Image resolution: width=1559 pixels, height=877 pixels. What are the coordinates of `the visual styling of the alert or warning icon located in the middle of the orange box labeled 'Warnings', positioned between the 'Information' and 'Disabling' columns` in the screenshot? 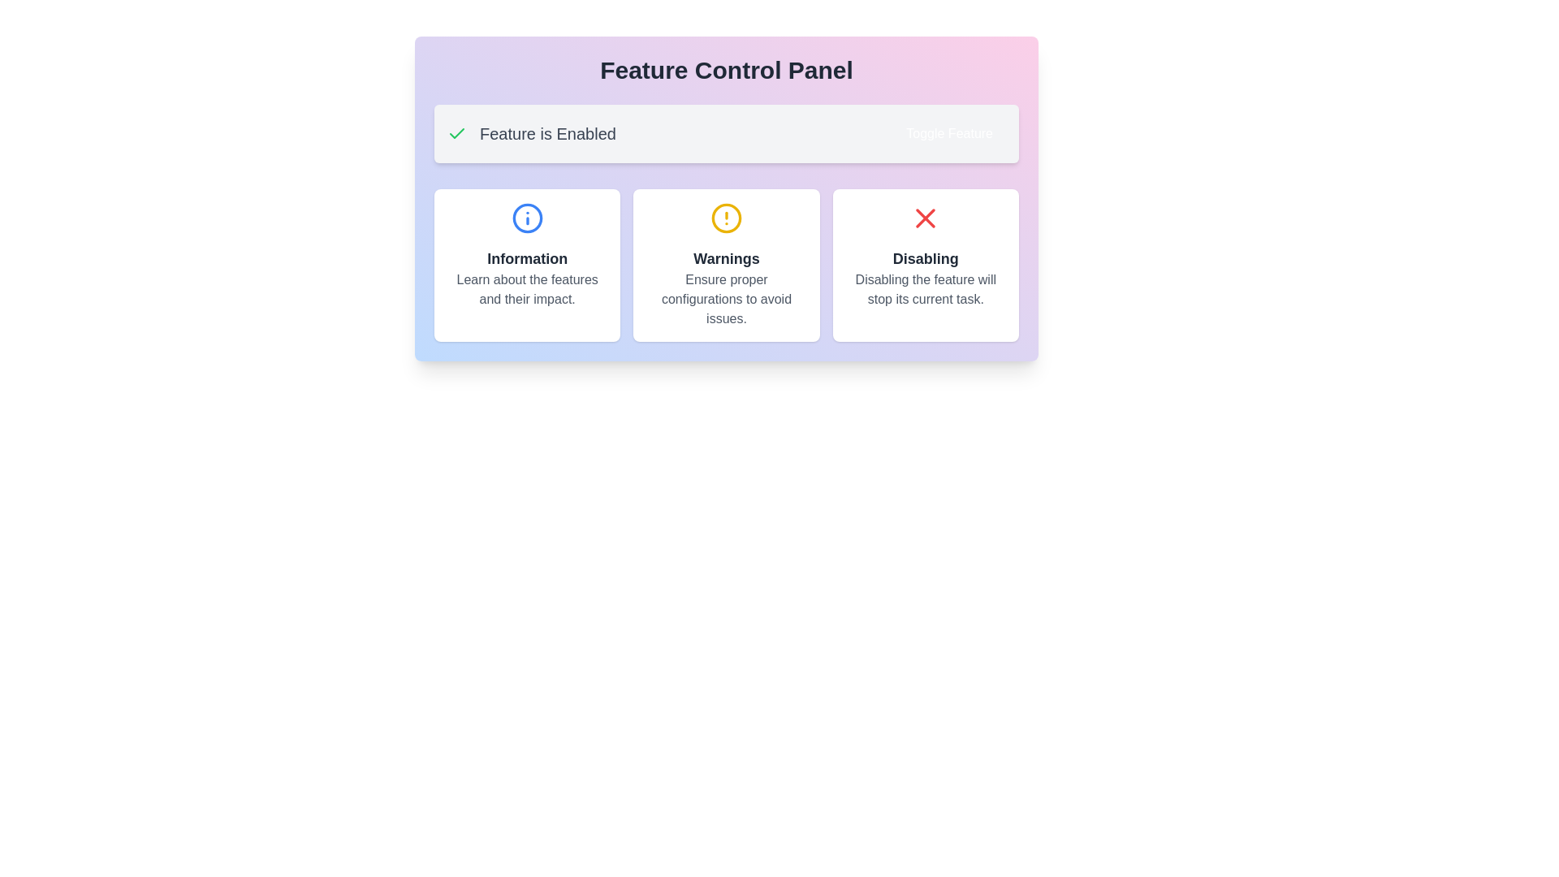 It's located at (725, 218).